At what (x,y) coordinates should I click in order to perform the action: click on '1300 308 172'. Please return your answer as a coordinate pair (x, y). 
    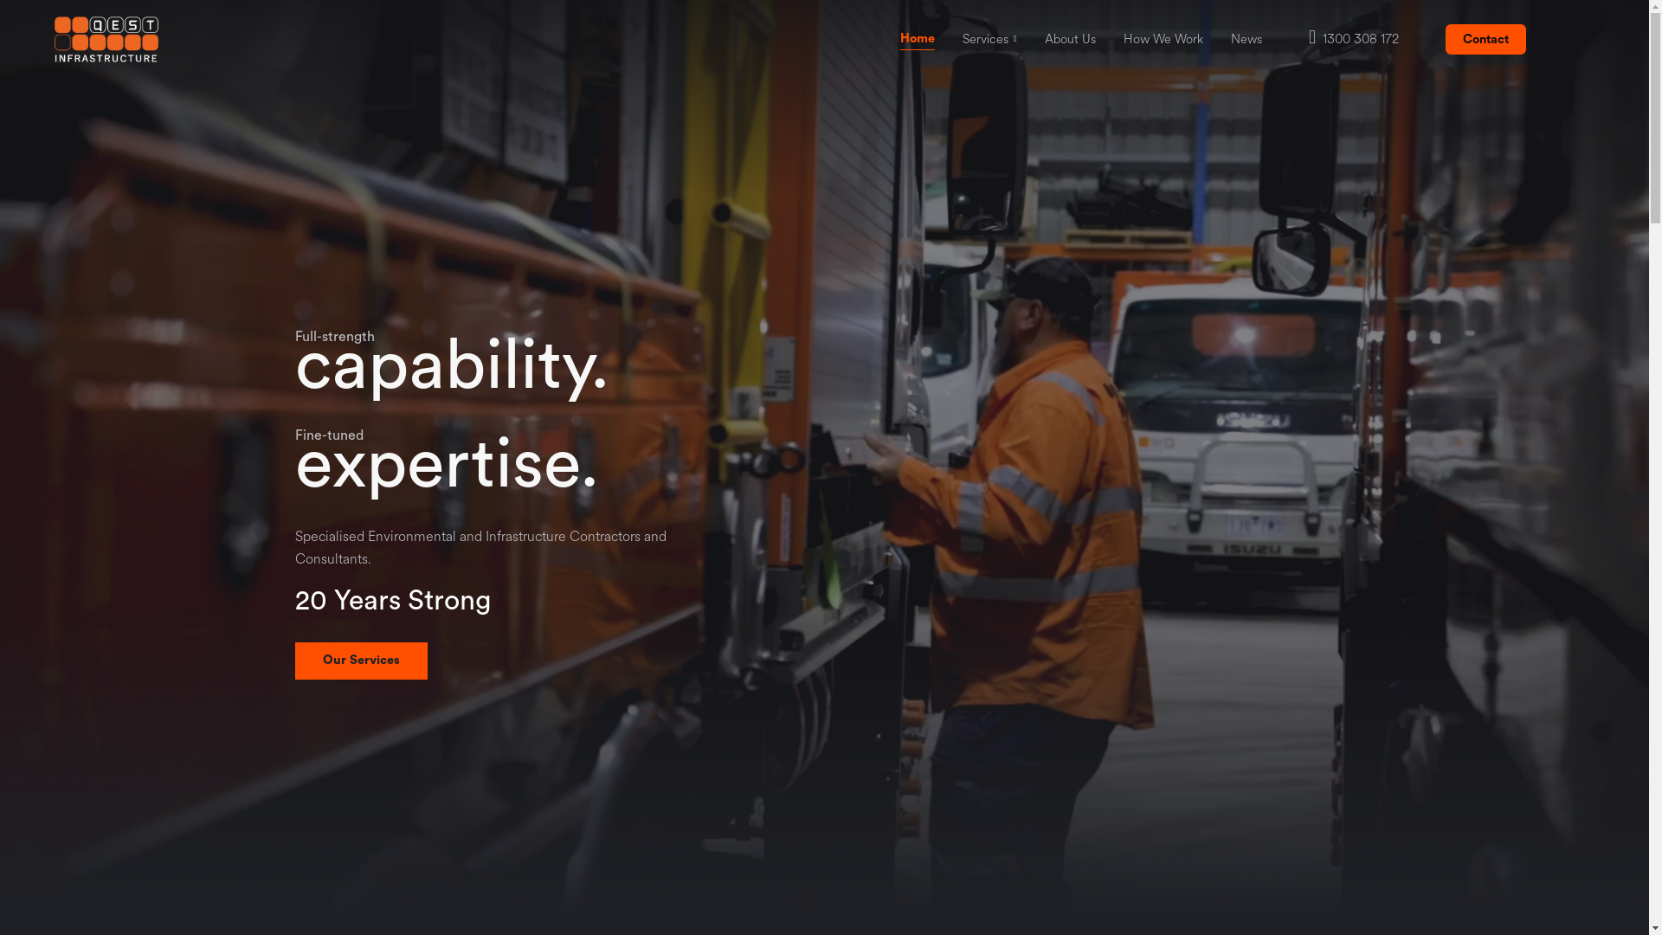
    Looking at the image, I should click on (1309, 39).